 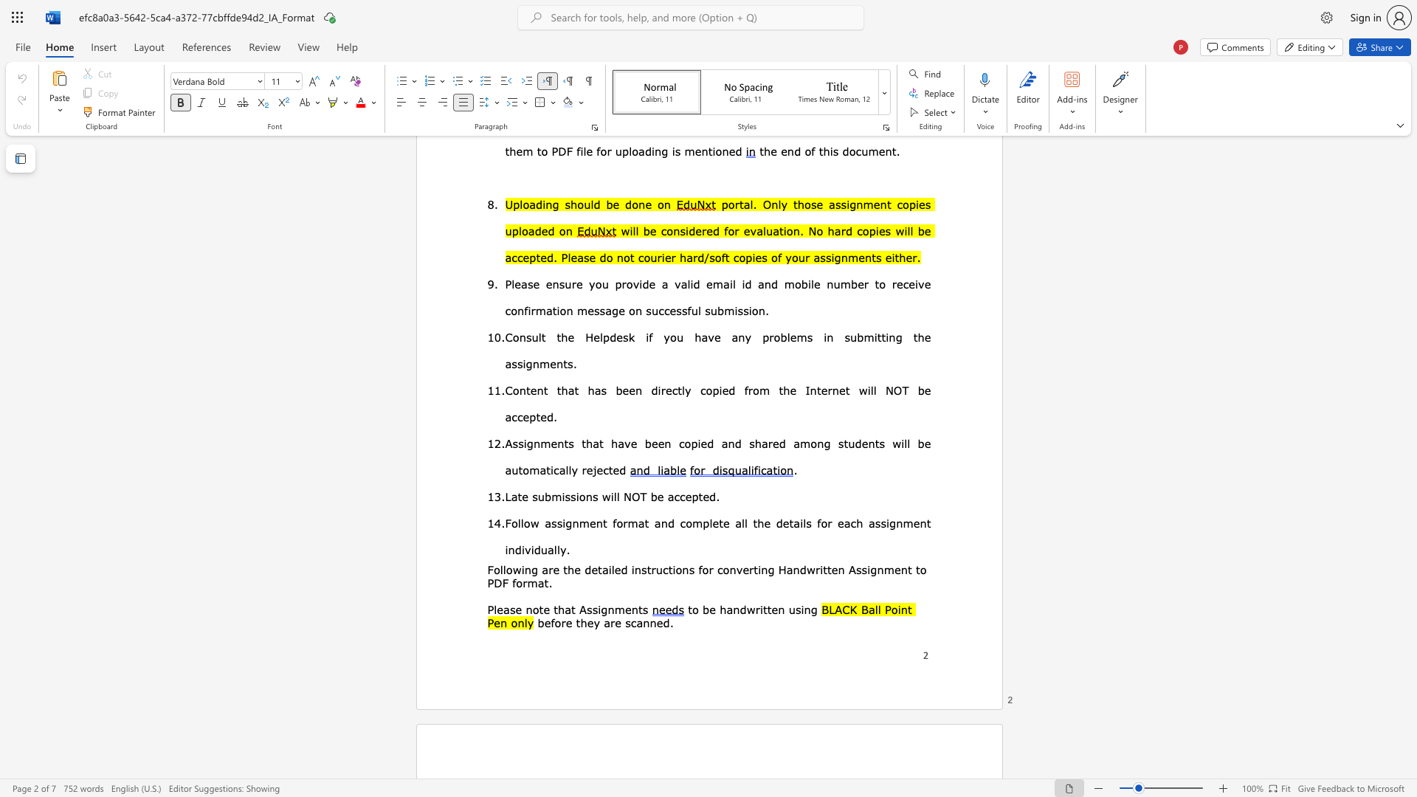 I want to click on the subset text "missions will NOT" within the text "Late submissions will NOT be accepted.", so click(x=551, y=496).